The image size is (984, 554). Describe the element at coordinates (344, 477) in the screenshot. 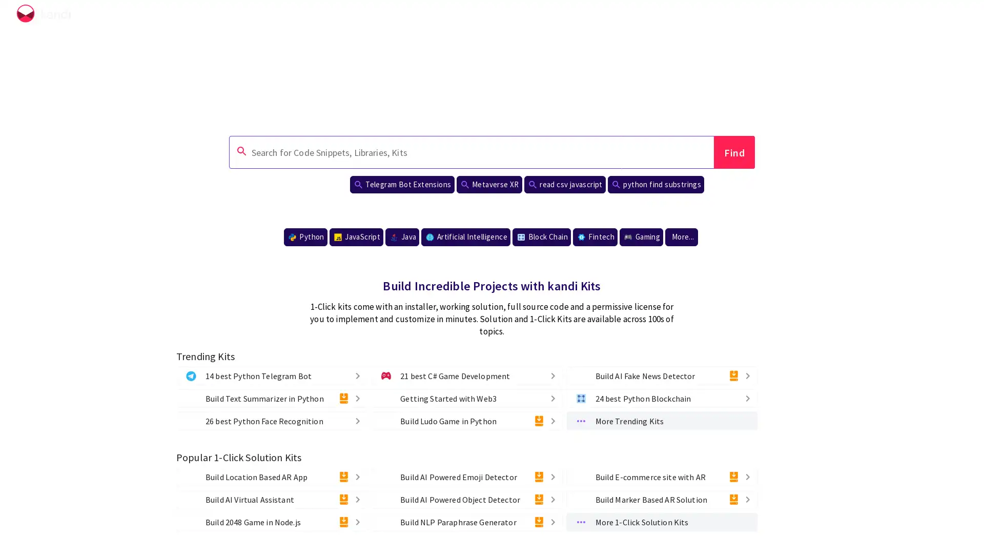

I see `delete` at that location.